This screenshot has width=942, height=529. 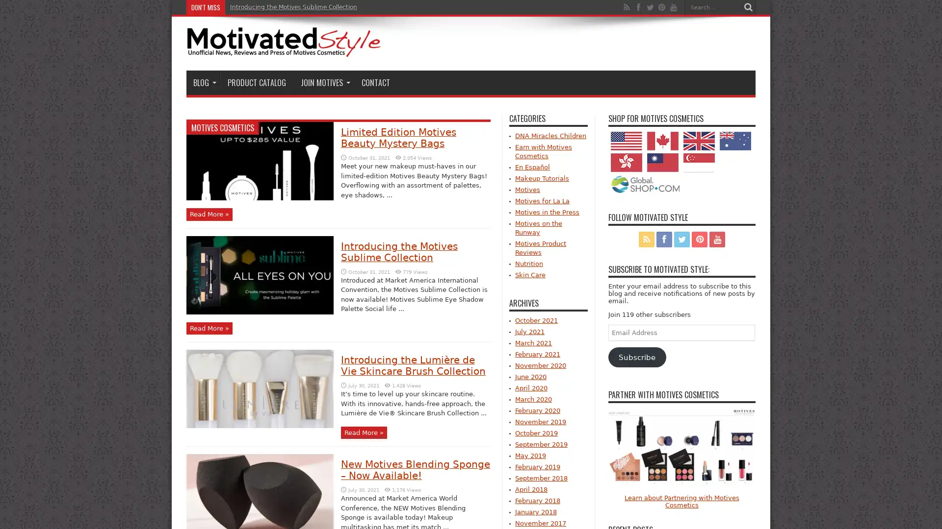 What do you see at coordinates (637, 357) in the screenshot?
I see `Subscribe` at bounding box center [637, 357].